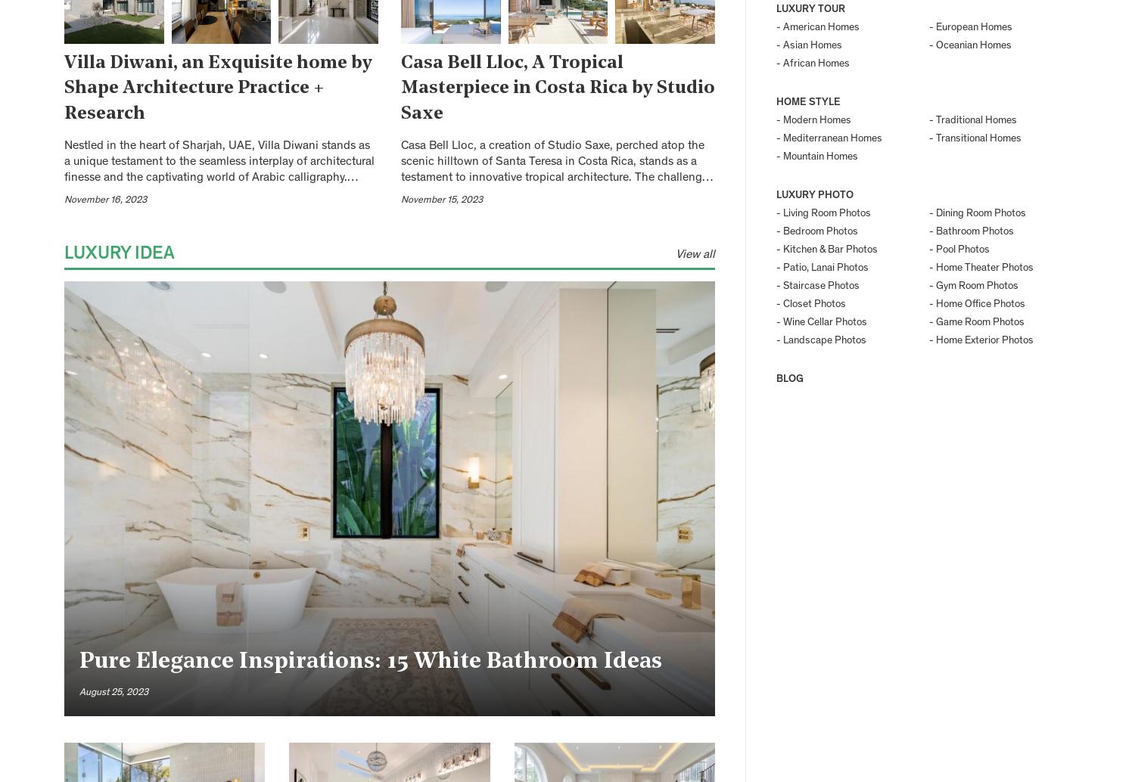  I want to click on 'Nestled in the heart of Sharjah, UAE, Villa Diwani stands as a unique testament to the seamless interplay of architectural finesse and the captivating world of Arabic calligraphy. Commissioned by passionate art enthusiasts with a deep appreciation for calligraphy, this villa transcends conventional boundaries, creating a space that harmoniously blends functional living with artistic expression. […]', so click(219, 200).